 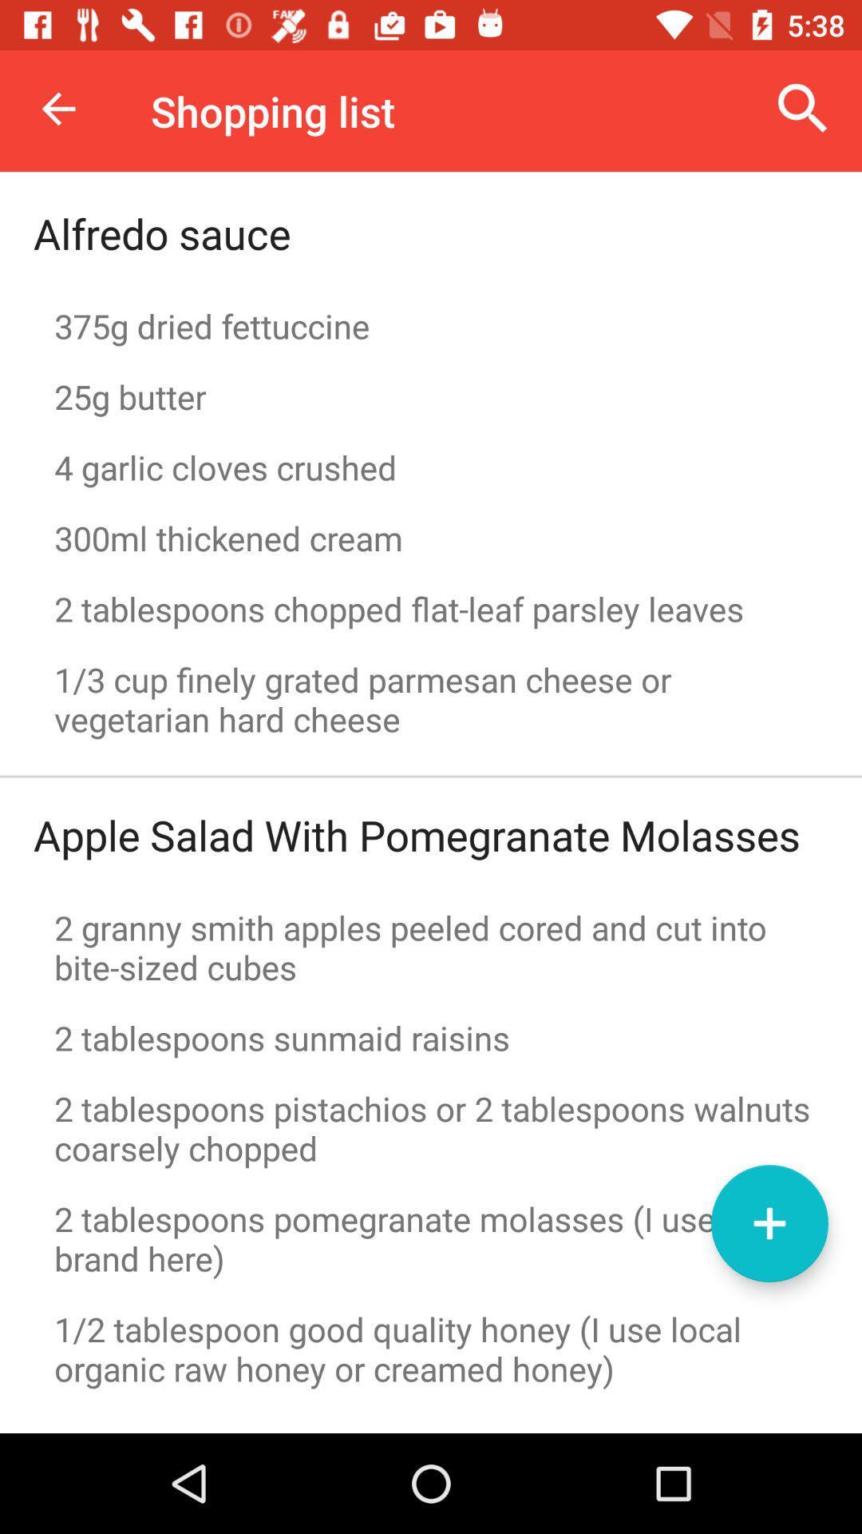 I want to click on the item above the 2 granny smith, so click(x=416, y=834).